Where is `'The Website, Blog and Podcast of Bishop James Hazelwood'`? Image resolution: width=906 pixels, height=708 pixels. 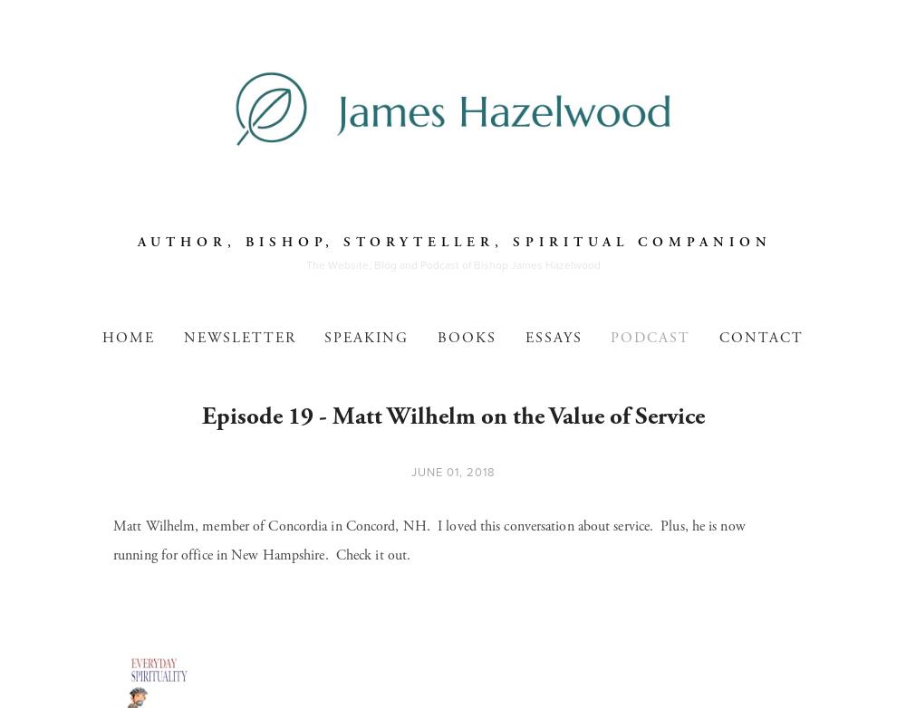
'The Website, Blog and Podcast of Bishop James Hazelwood' is located at coordinates (451, 264).